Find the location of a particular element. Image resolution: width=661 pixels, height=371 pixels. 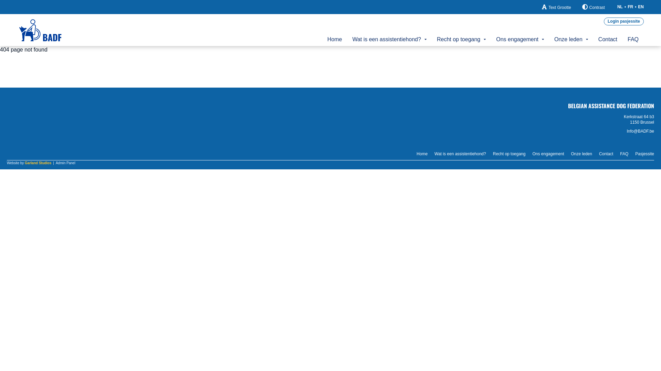

'FAQ' is located at coordinates (620, 153).